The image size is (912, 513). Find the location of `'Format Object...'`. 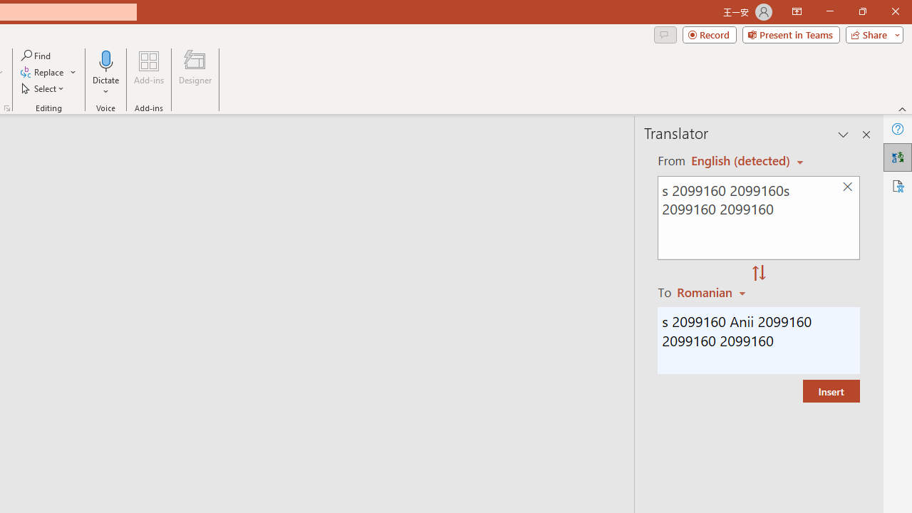

'Format Object...' is located at coordinates (7, 107).